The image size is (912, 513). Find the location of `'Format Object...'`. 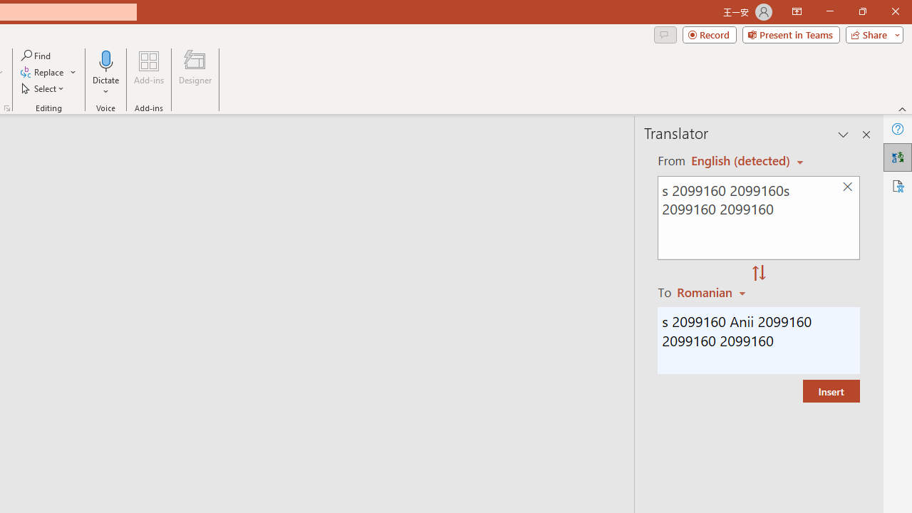

'Format Object...' is located at coordinates (7, 107).